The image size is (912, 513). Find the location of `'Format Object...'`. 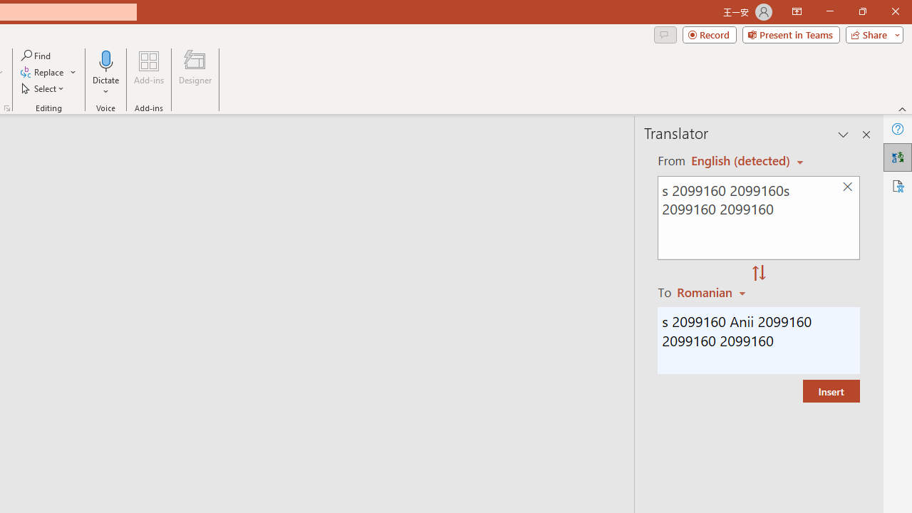

'Format Object...' is located at coordinates (7, 107).